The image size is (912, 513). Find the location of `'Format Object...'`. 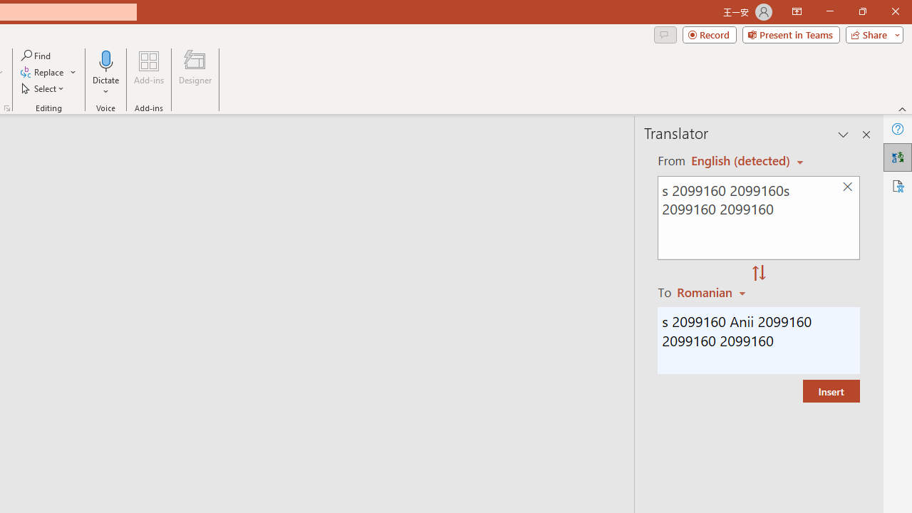

'Format Object...' is located at coordinates (7, 107).